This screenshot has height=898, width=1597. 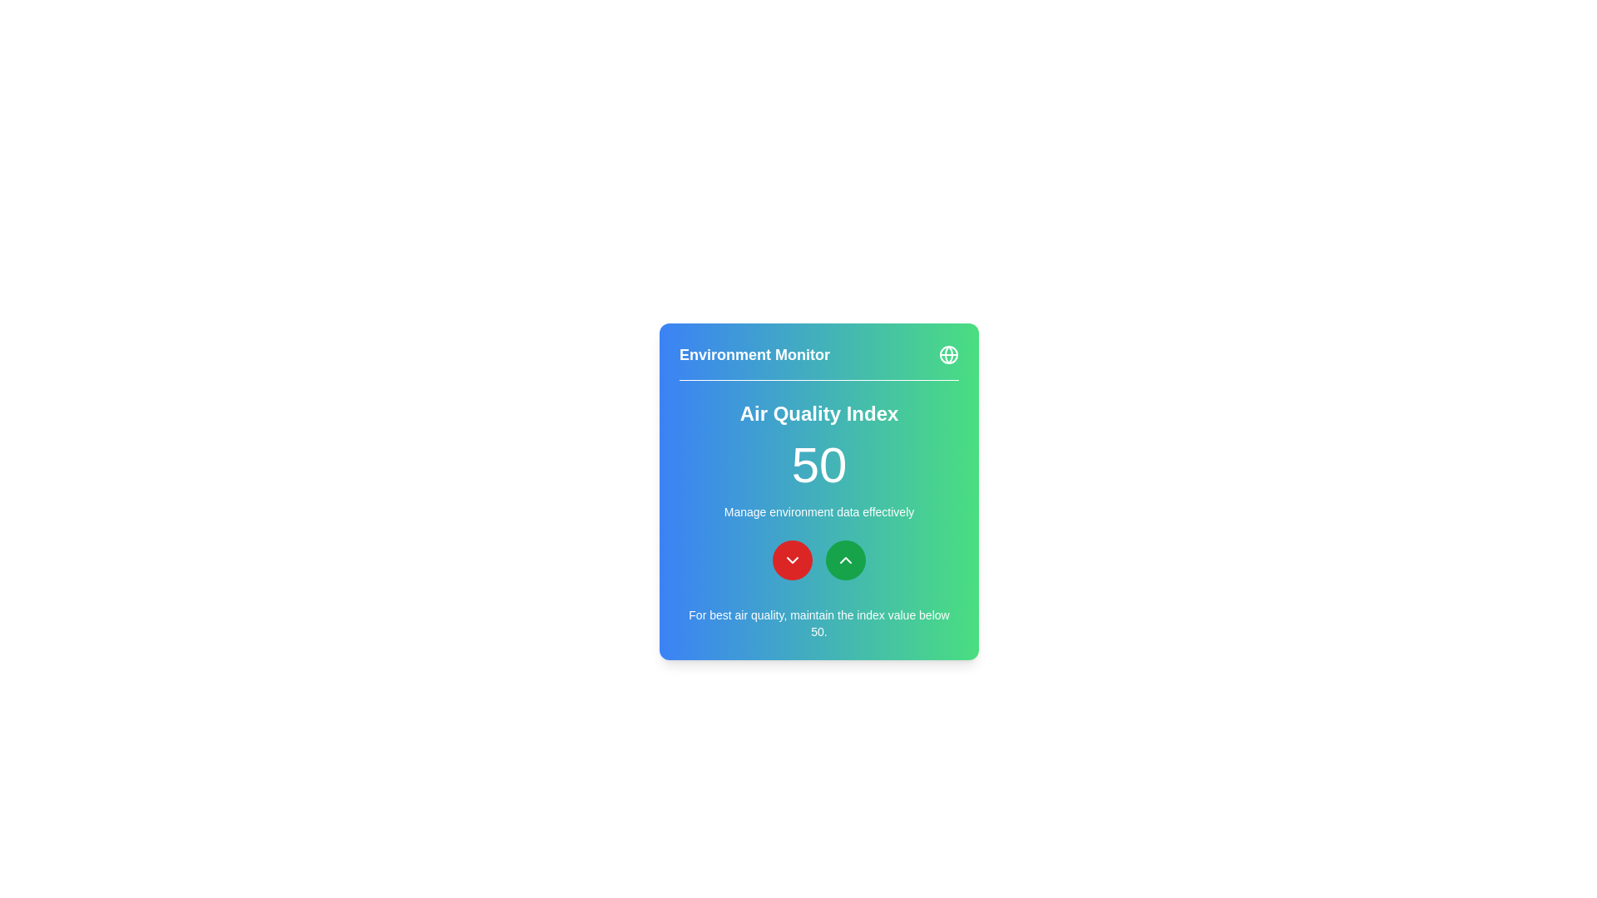 I want to click on the informational text displaying 'For best air quality, maintain the index value below 50.' which is located at the lower part of the panel, so click(x=818, y=623).